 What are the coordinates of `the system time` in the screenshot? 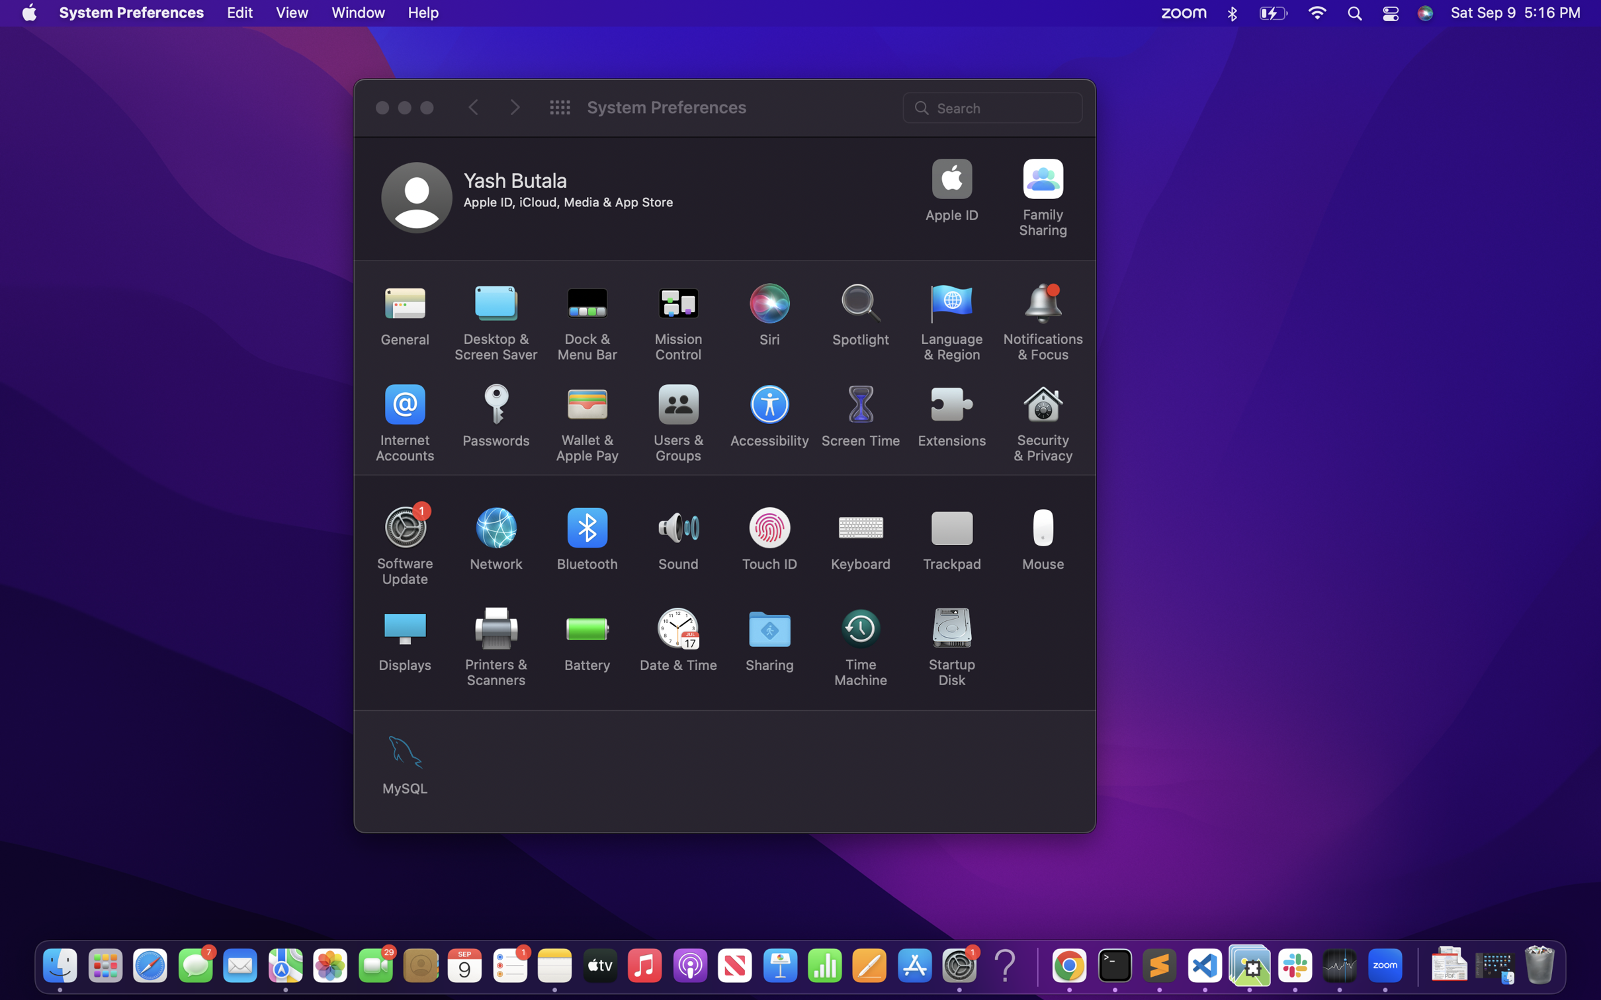 It's located at (678, 642).